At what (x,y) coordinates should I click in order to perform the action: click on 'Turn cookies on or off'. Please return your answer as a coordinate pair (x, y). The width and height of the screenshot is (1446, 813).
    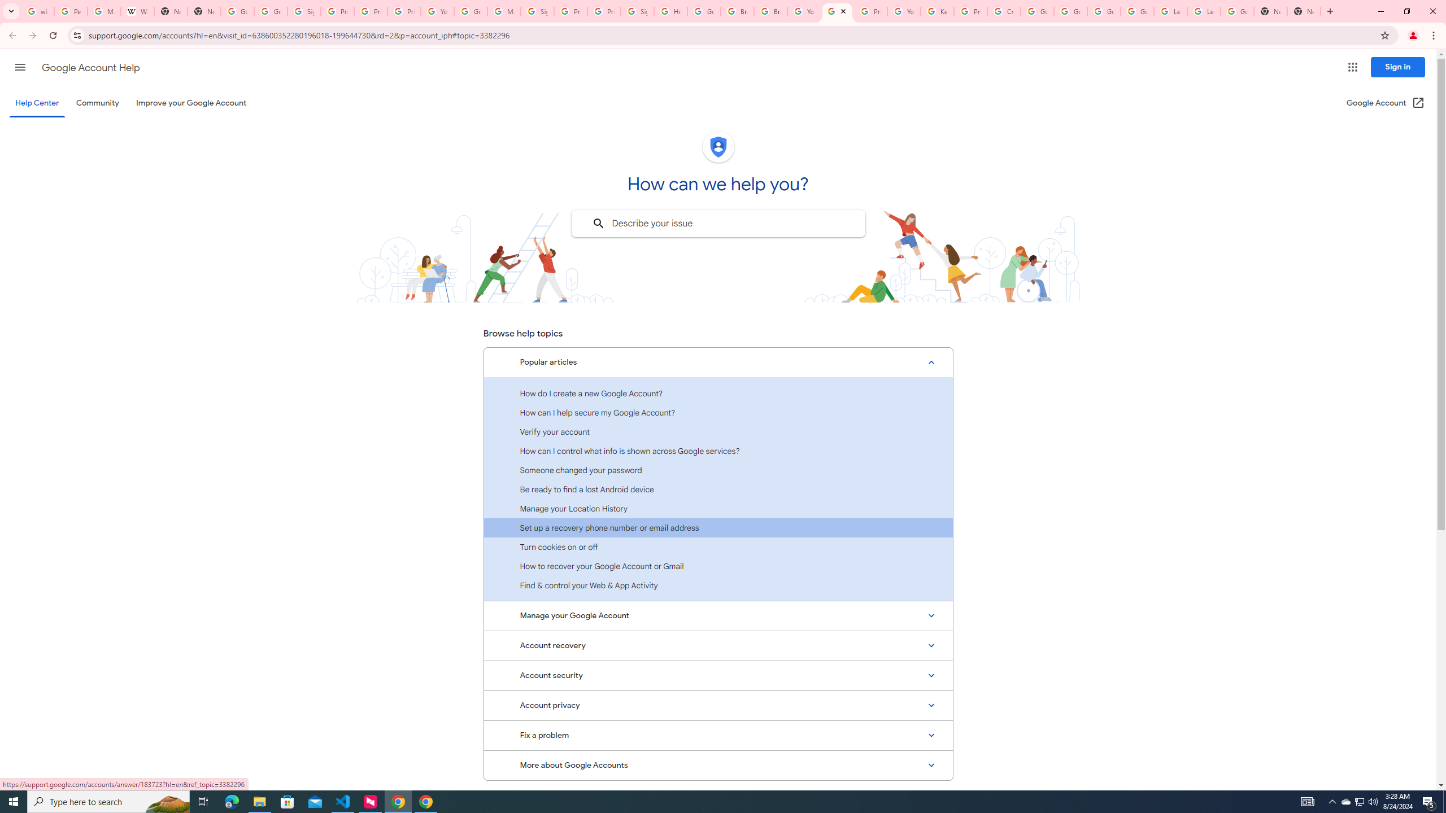
    Looking at the image, I should click on (718, 547).